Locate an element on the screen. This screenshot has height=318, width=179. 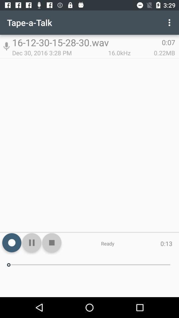
icon above the 0:07 is located at coordinates (170, 23).